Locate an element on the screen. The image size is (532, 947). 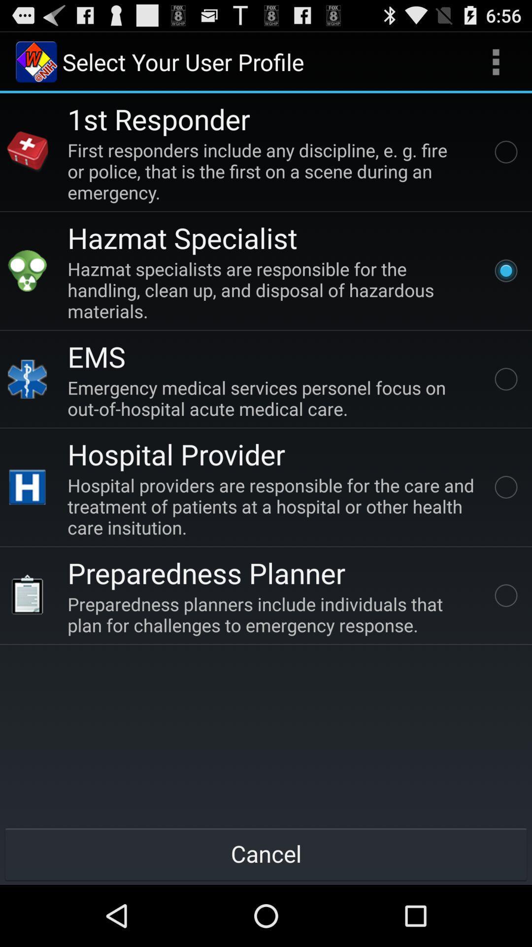
the ems is located at coordinates (97, 356).